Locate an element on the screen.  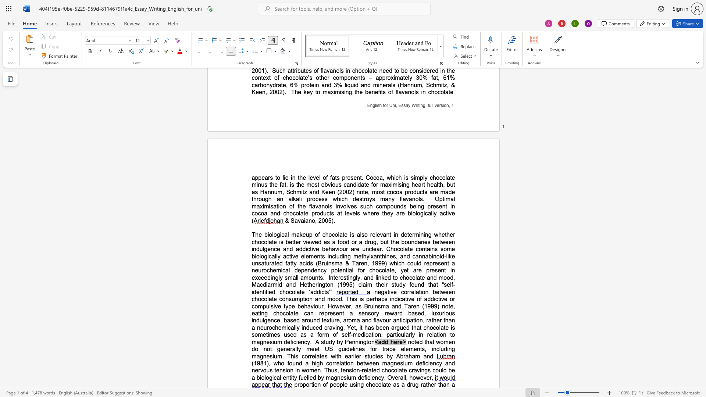
the space between the continuous character "c" and "y" in the text is located at coordinates (307, 342).